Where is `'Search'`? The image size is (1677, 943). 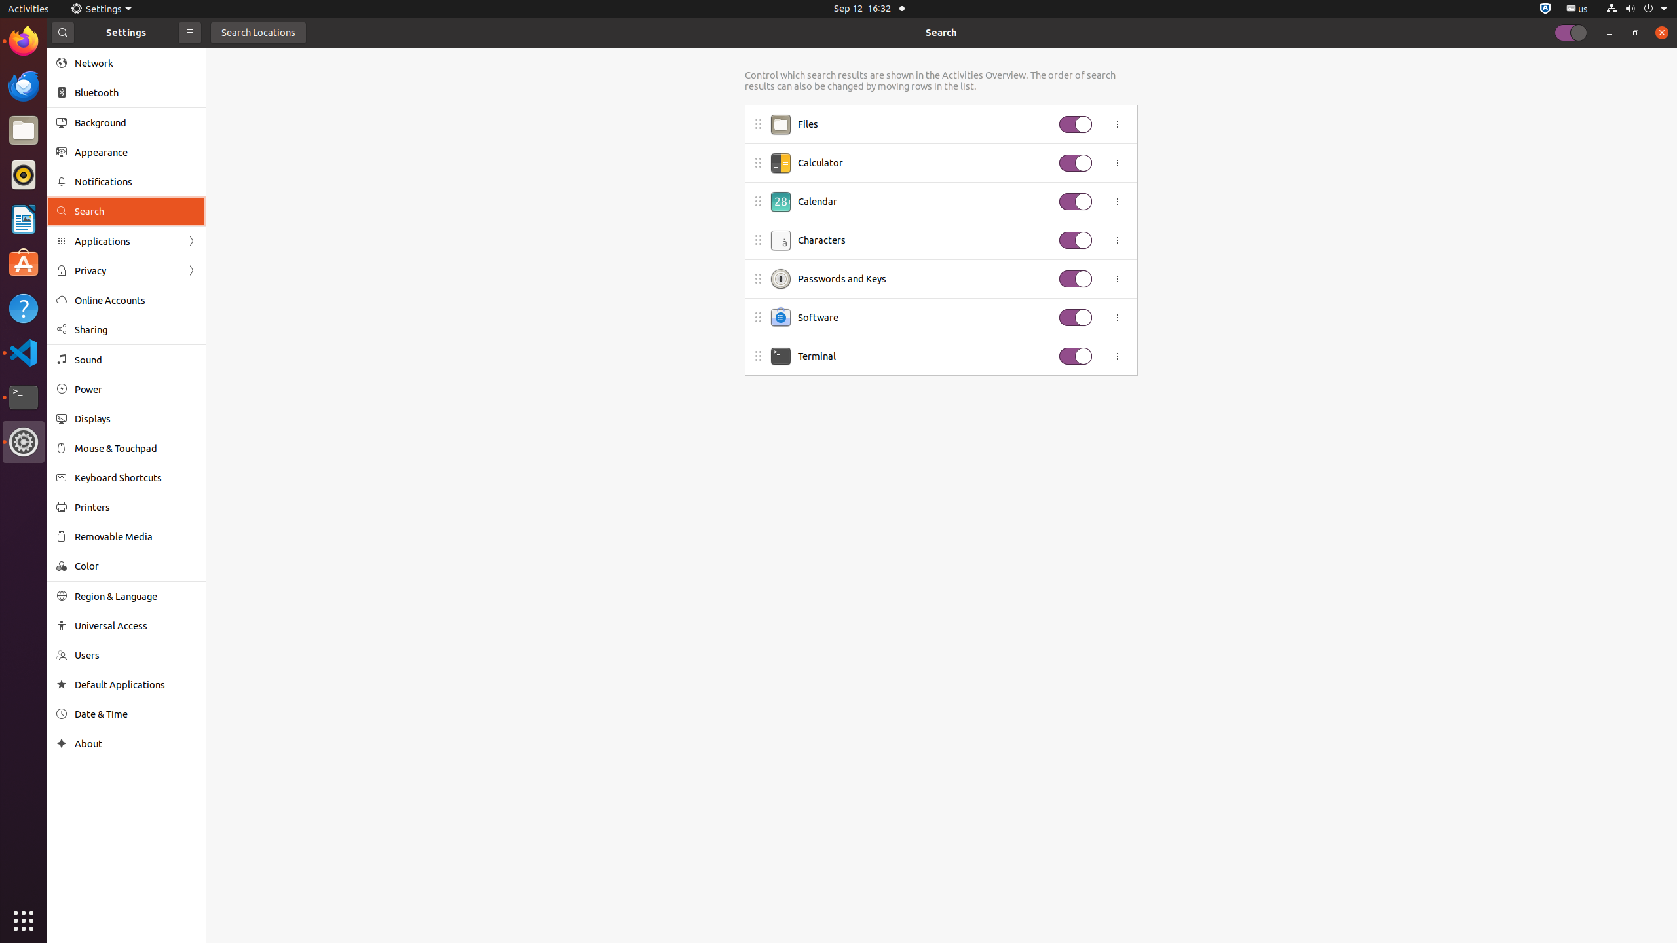
'Search' is located at coordinates (940, 32).